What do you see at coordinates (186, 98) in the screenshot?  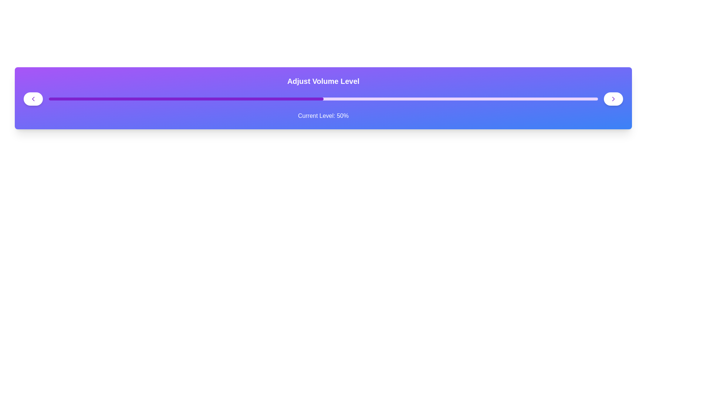 I see `the filled segment of the progress indicator bar, which visually represents 50% of the total range in the slider component` at bounding box center [186, 98].